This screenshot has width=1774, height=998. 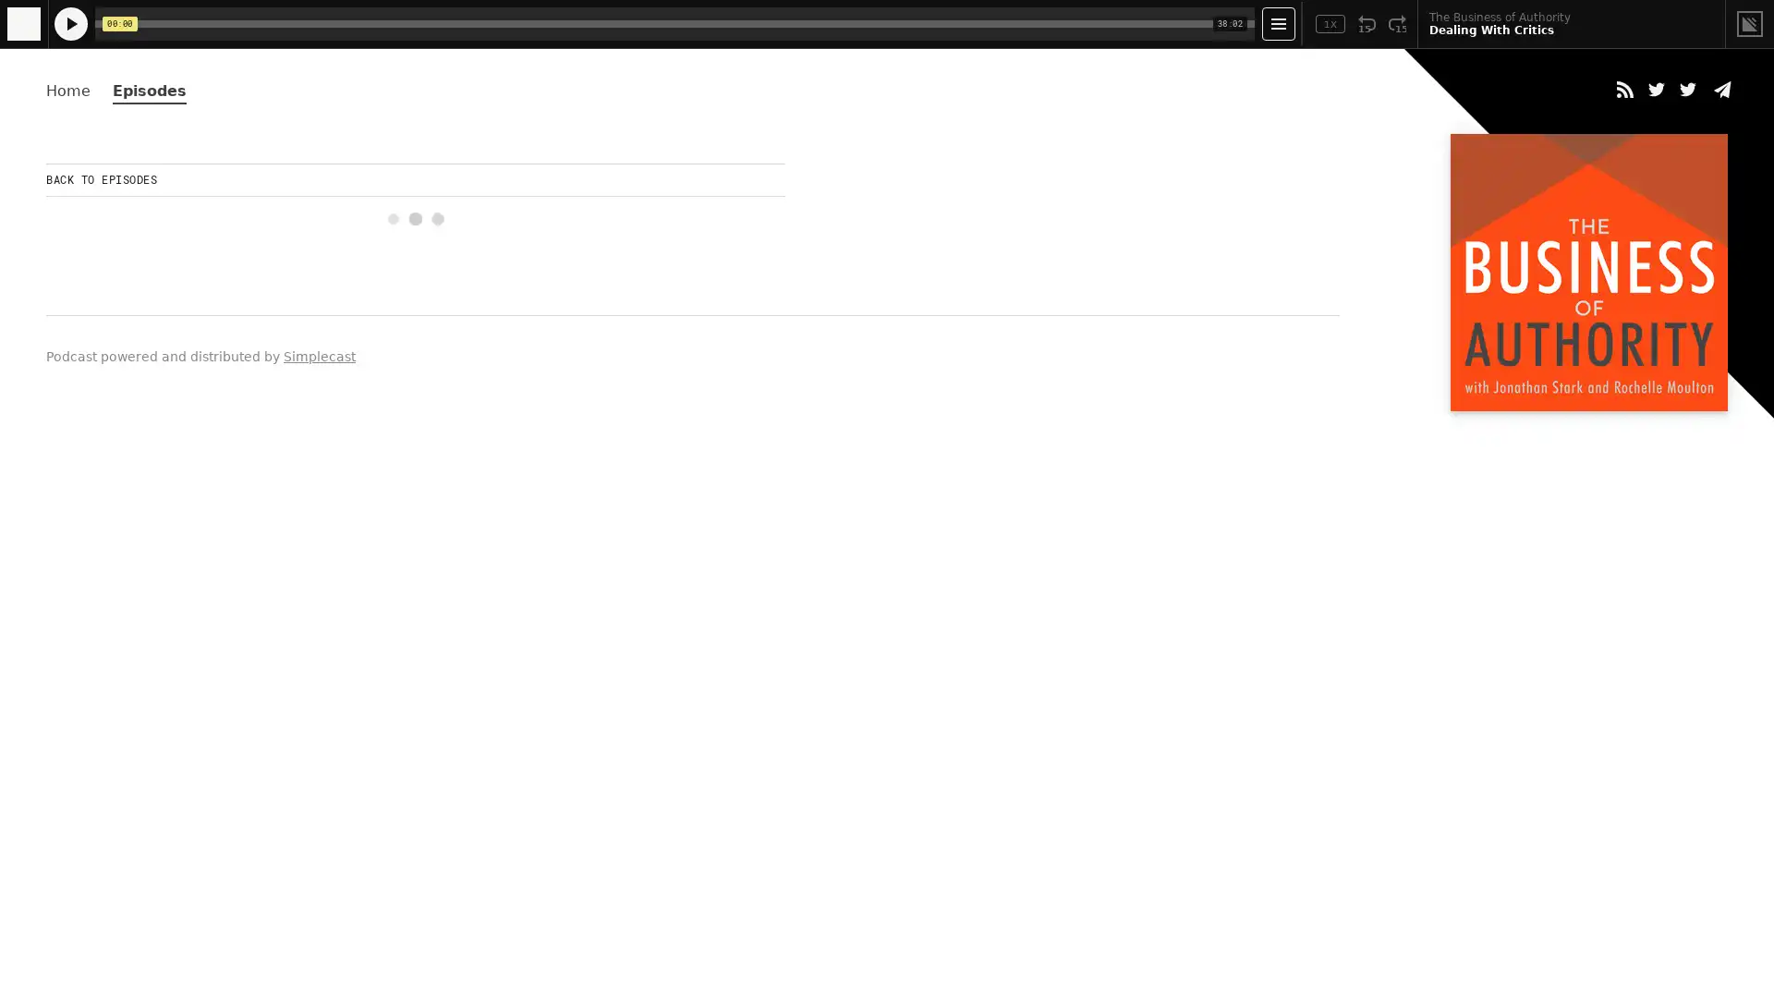 What do you see at coordinates (235, 248) in the screenshot?
I see `Play` at bounding box center [235, 248].